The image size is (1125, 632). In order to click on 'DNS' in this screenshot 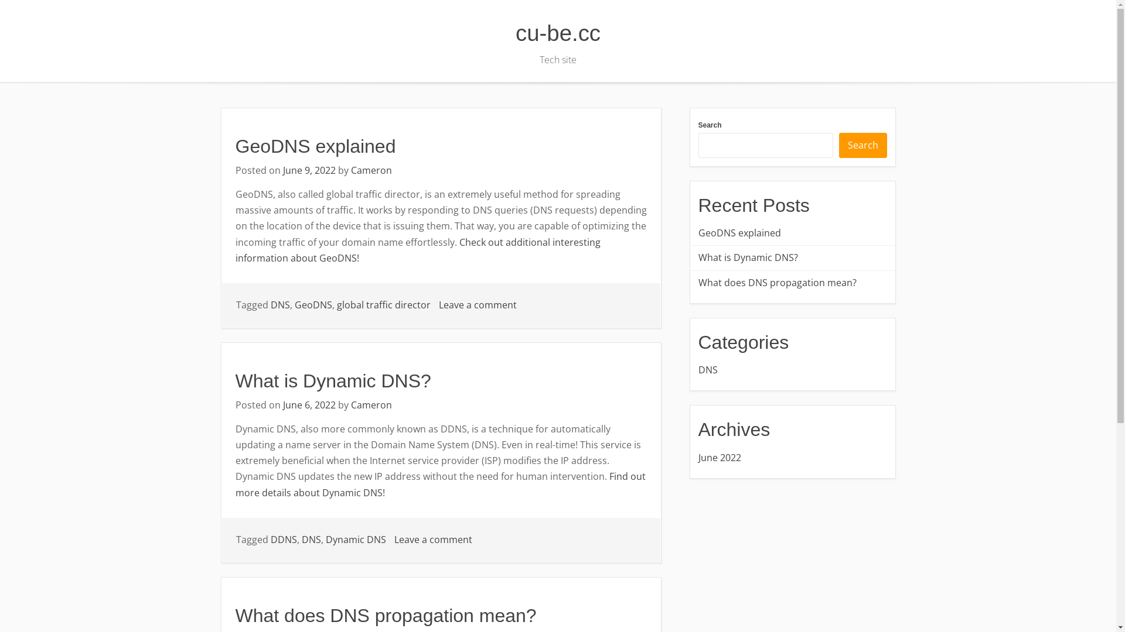, I will do `click(279, 304)`.